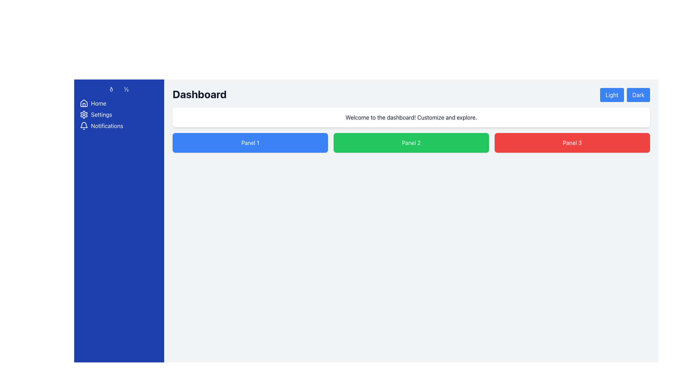  What do you see at coordinates (250, 142) in the screenshot?
I see `the blue rectangular panel labeled 'Panel 1' with rounded corners and a shadow effect, which is the first panel in a row of three panels` at bounding box center [250, 142].